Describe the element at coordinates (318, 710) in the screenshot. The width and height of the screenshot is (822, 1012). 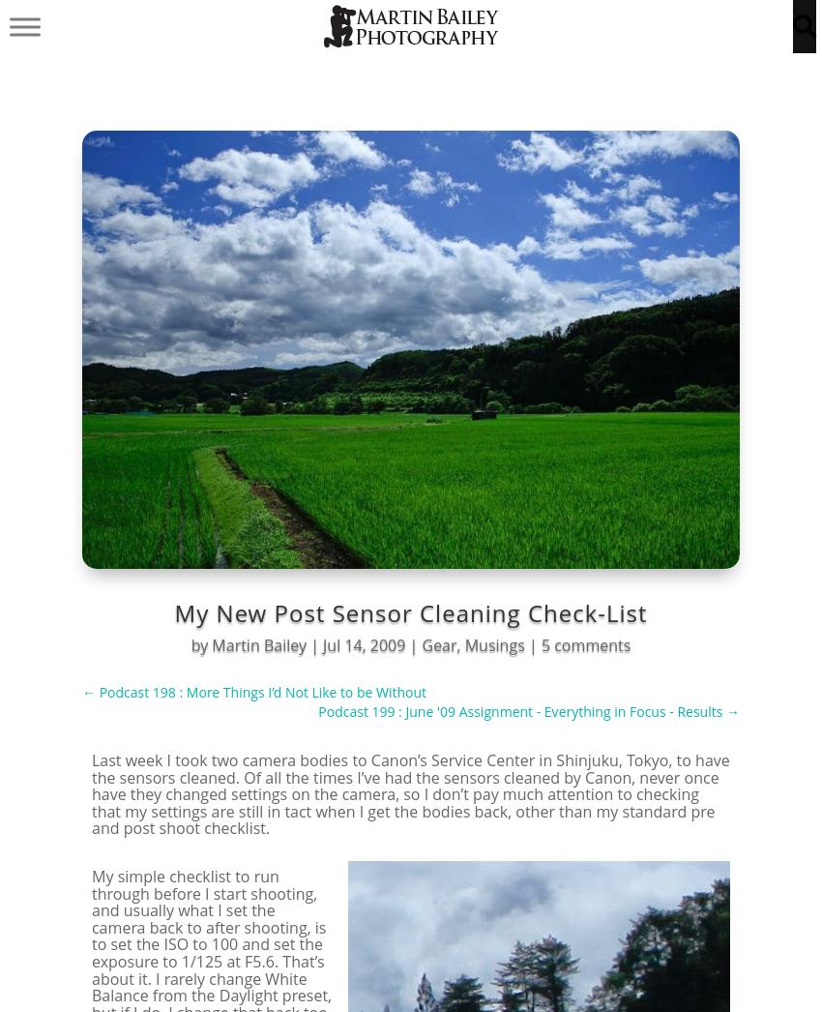
I see `'Podcast 199 : June '09 Assignment - Everything in Focus - Results'` at that location.